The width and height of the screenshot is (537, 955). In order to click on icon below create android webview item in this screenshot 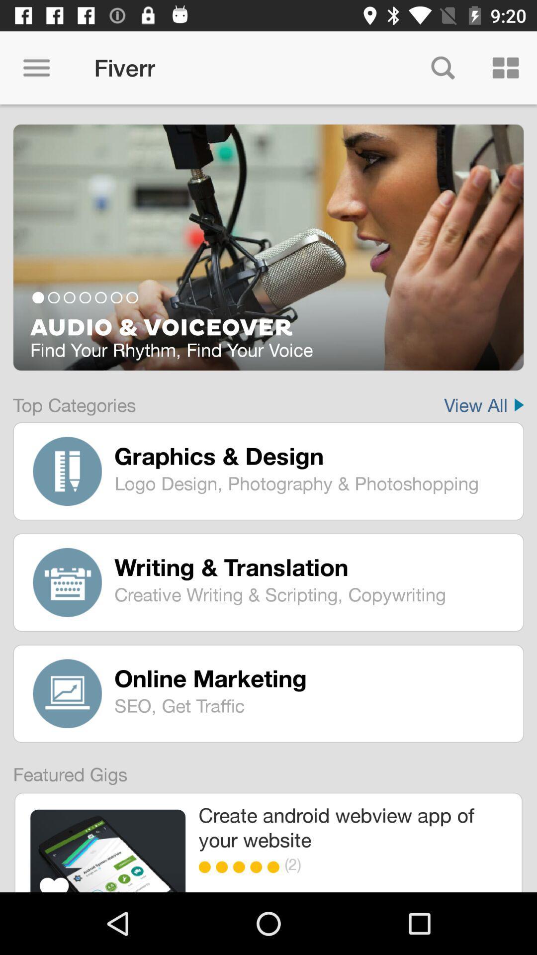, I will do `click(258, 866)`.